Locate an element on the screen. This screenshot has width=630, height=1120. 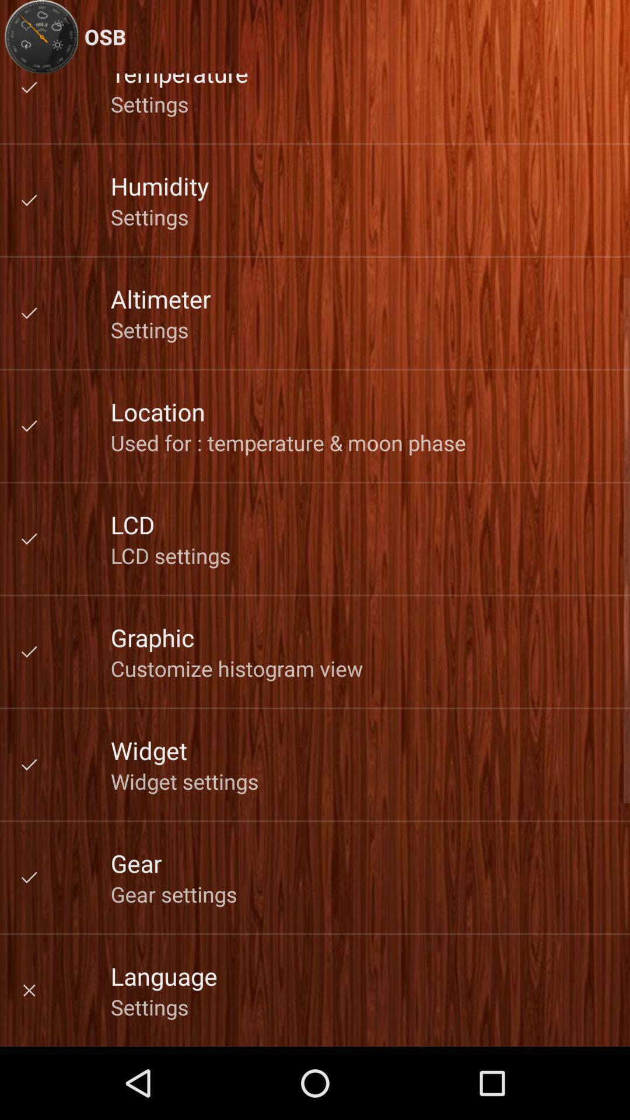
item above lcd item is located at coordinates (288, 442).